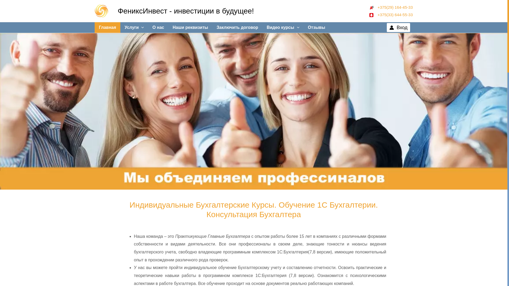 The image size is (509, 286). I want to click on '   +375(29) 164-45-33', so click(390, 7).